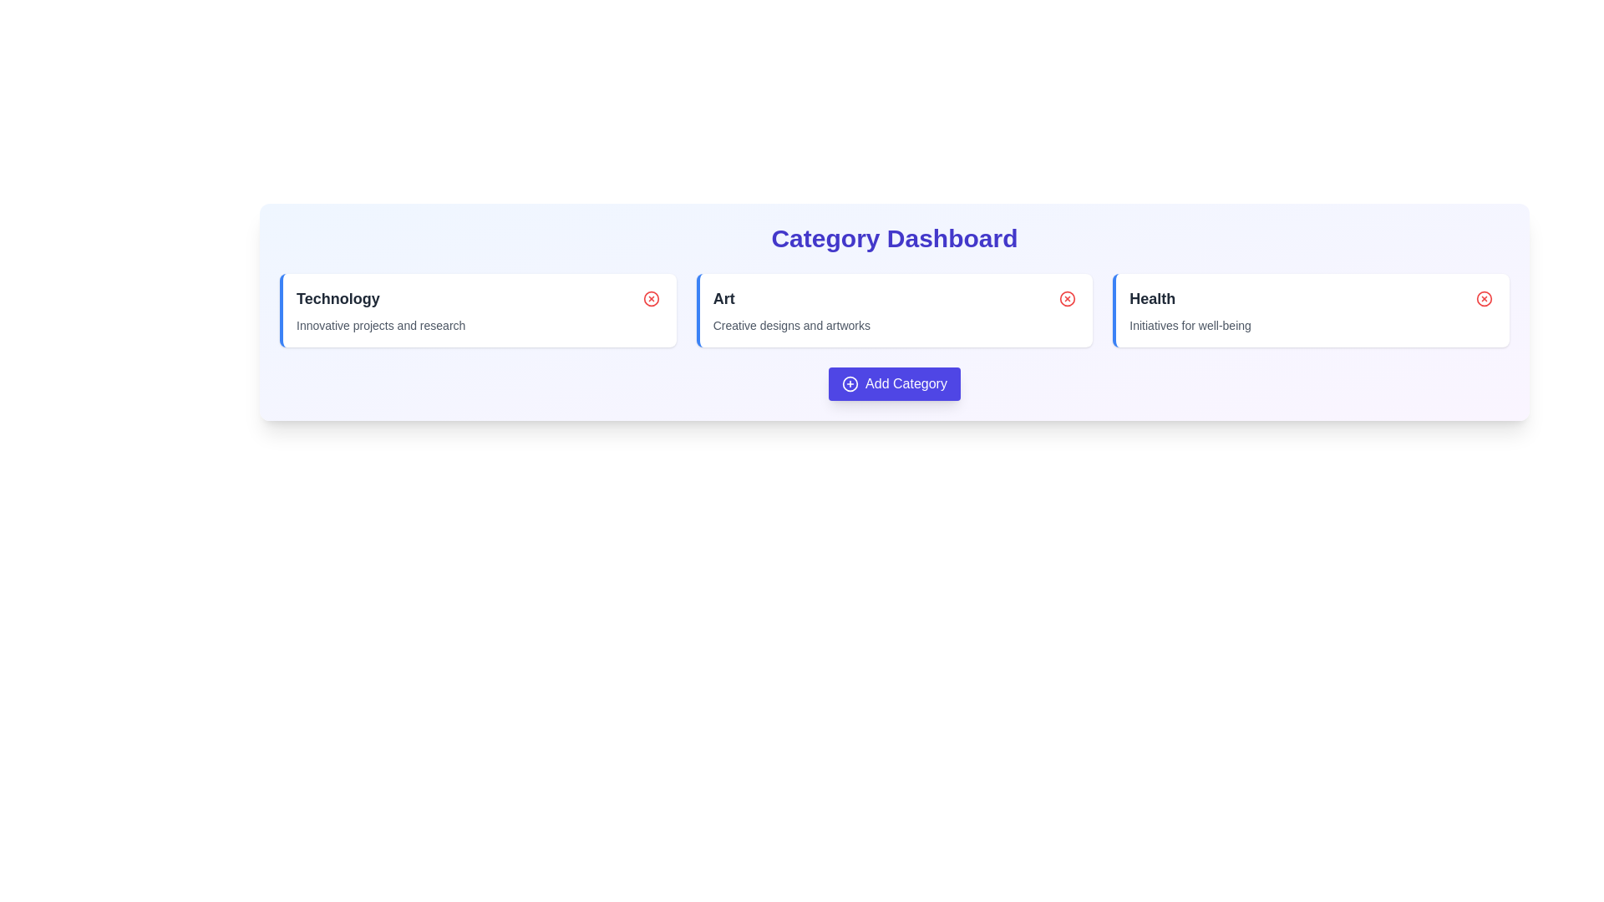  Describe the element at coordinates (1484, 298) in the screenshot. I see `the circular red-bordered button with an 'x' symbol located in the top-right corner of the 'Health' category section` at that location.